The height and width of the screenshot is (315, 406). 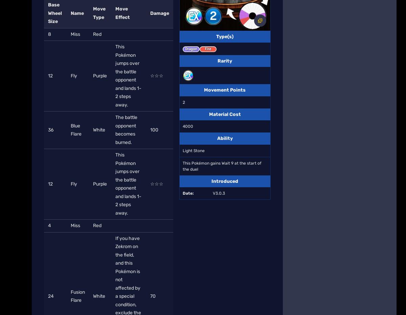 I want to click on 'Local Sitemap', so click(x=133, y=158).